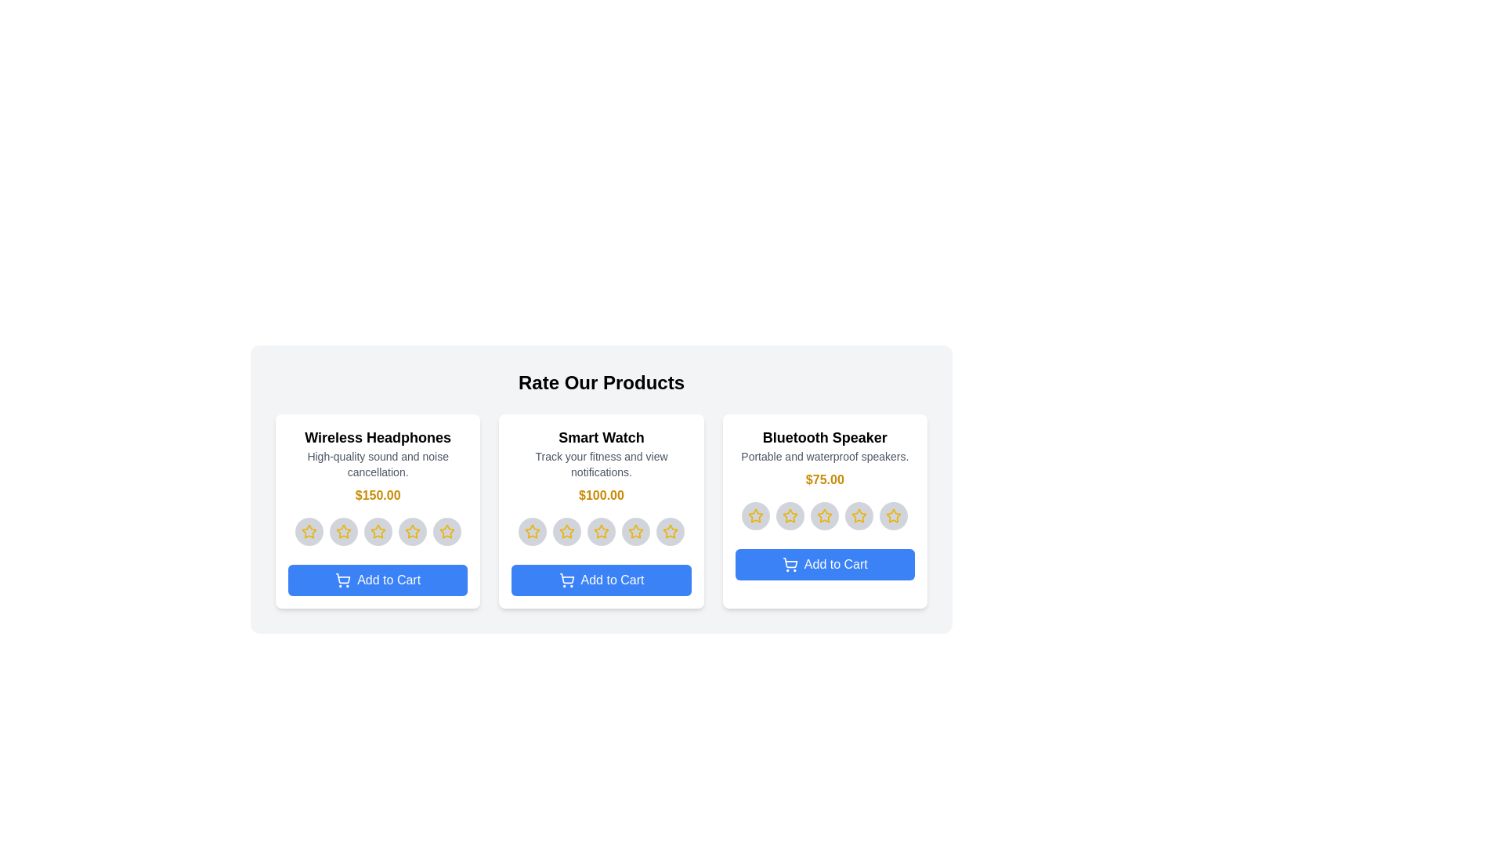 The width and height of the screenshot is (1504, 846). I want to click on the star corresponding to 3 for the product 'Bluetooth Speaker', so click(824, 516).